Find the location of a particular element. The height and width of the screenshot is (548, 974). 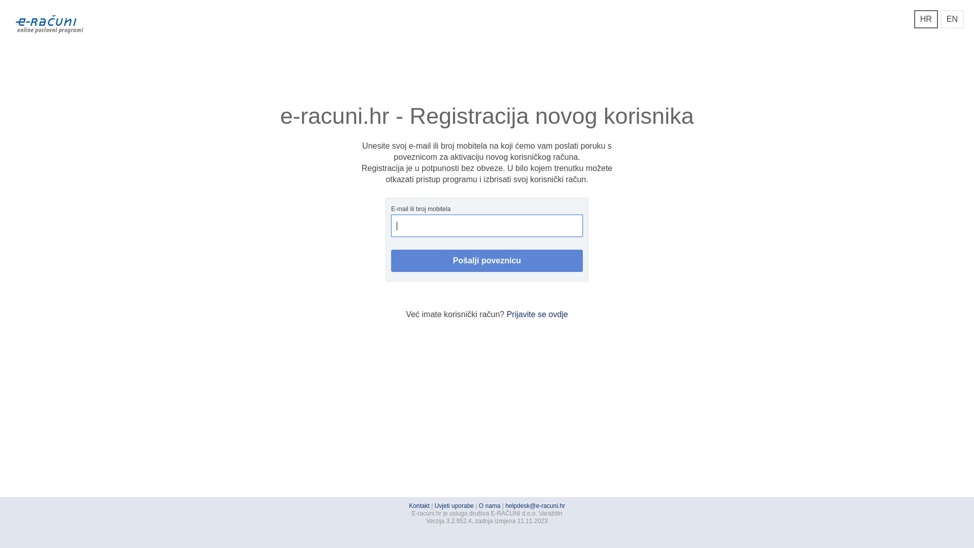

'helpdesk@e-racuni.hr' is located at coordinates (505, 505).